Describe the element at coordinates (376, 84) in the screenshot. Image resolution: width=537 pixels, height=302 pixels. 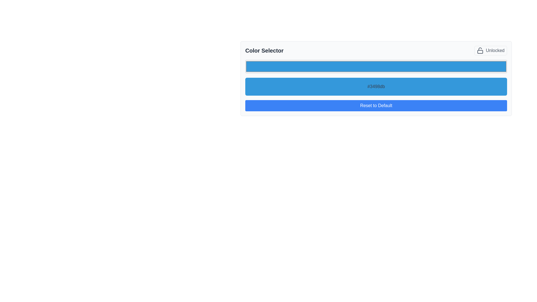
I see `text content of the hexadecimal color code displayed at the center of the blue rectangular background element, which is the second in a vertically stacked sequence of color blocks beneath the 'Color Selector' title` at that location.